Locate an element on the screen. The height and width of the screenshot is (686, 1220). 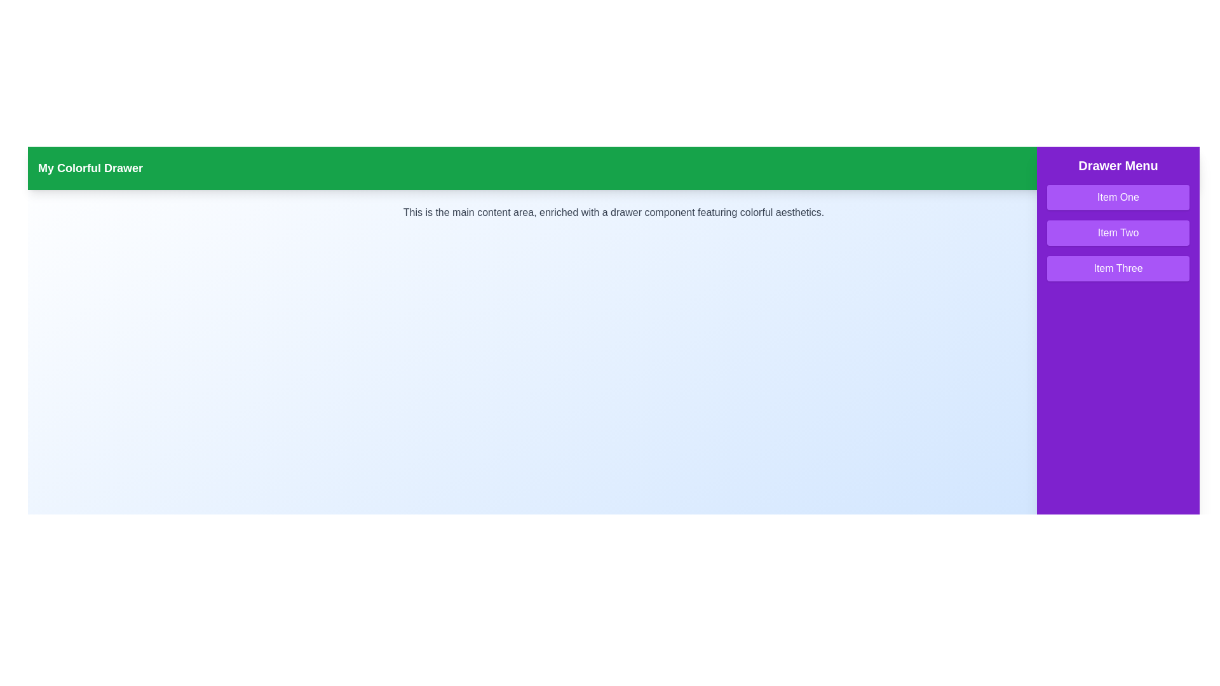
the 'Item One' button located in the purple sidebar labeled 'Drawer Menu' for accessibility navigation is located at coordinates (1118, 198).